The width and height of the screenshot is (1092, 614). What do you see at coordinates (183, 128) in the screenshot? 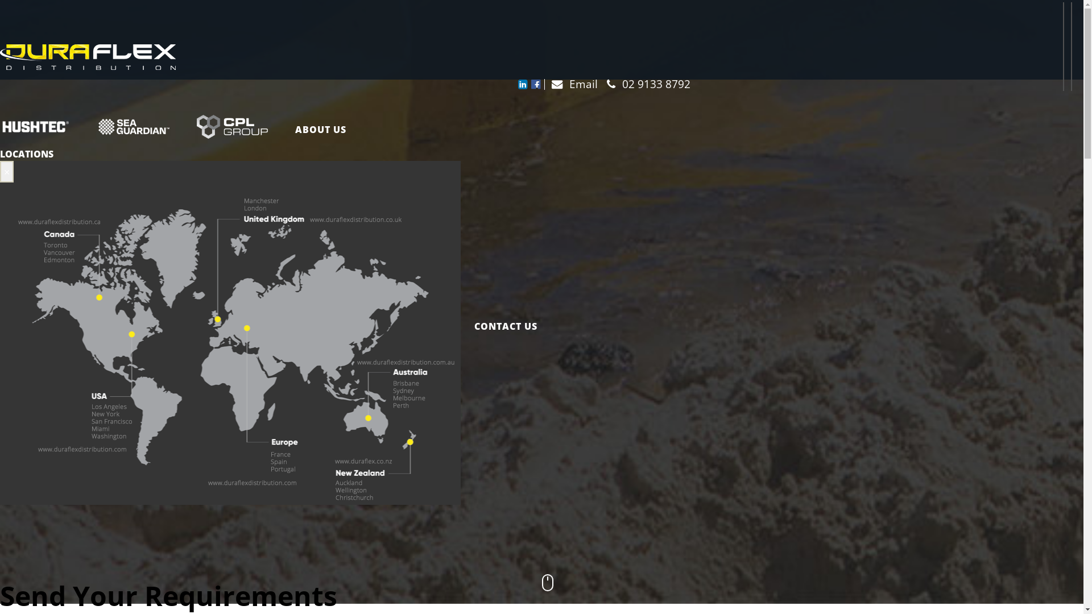
I see `'SMARTEC SOLUTIONS AU'` at bounding box center [183, 128].